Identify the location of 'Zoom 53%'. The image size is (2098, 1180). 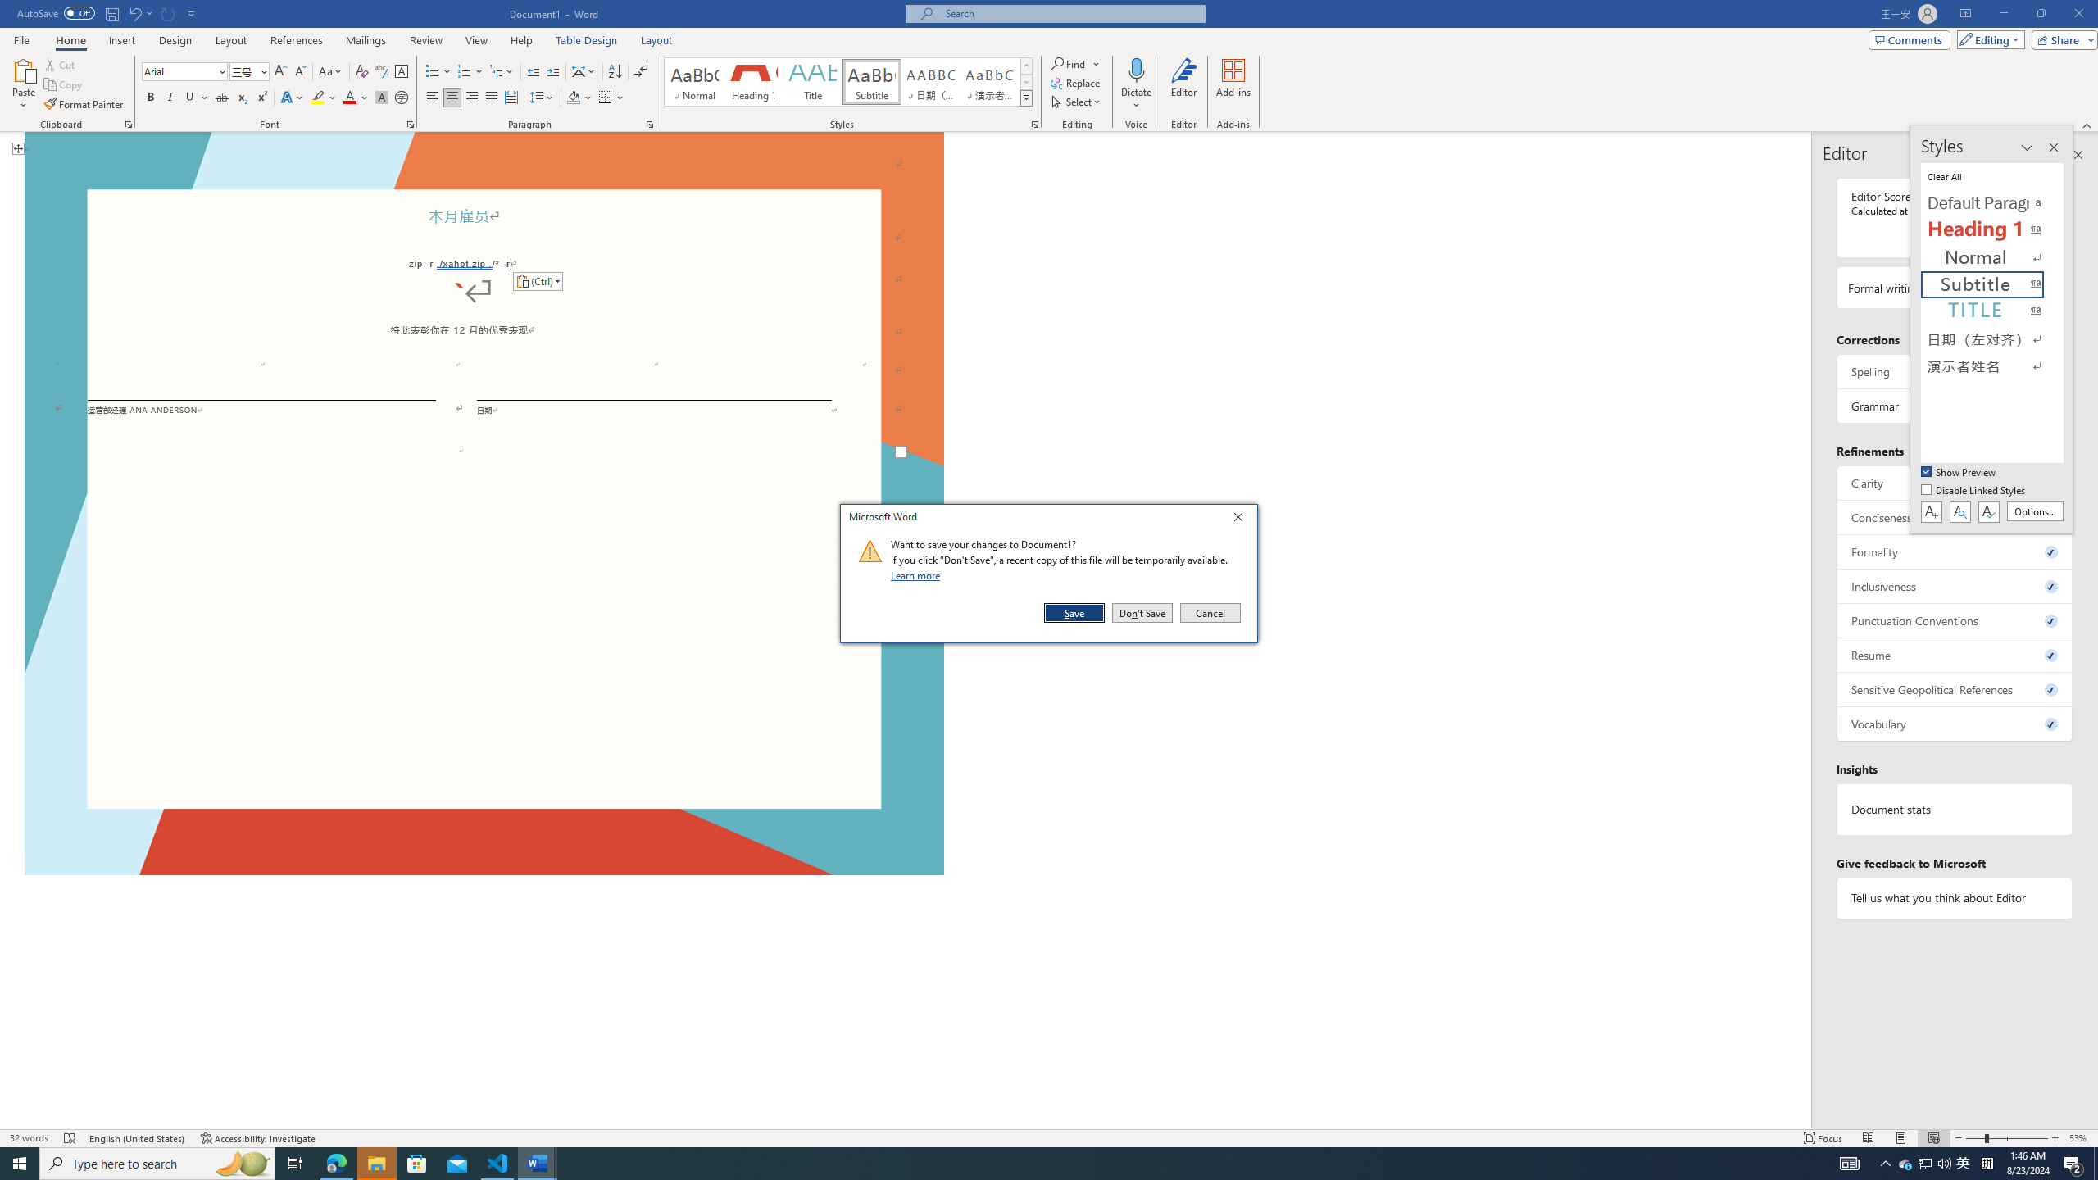
(2079, 1138).